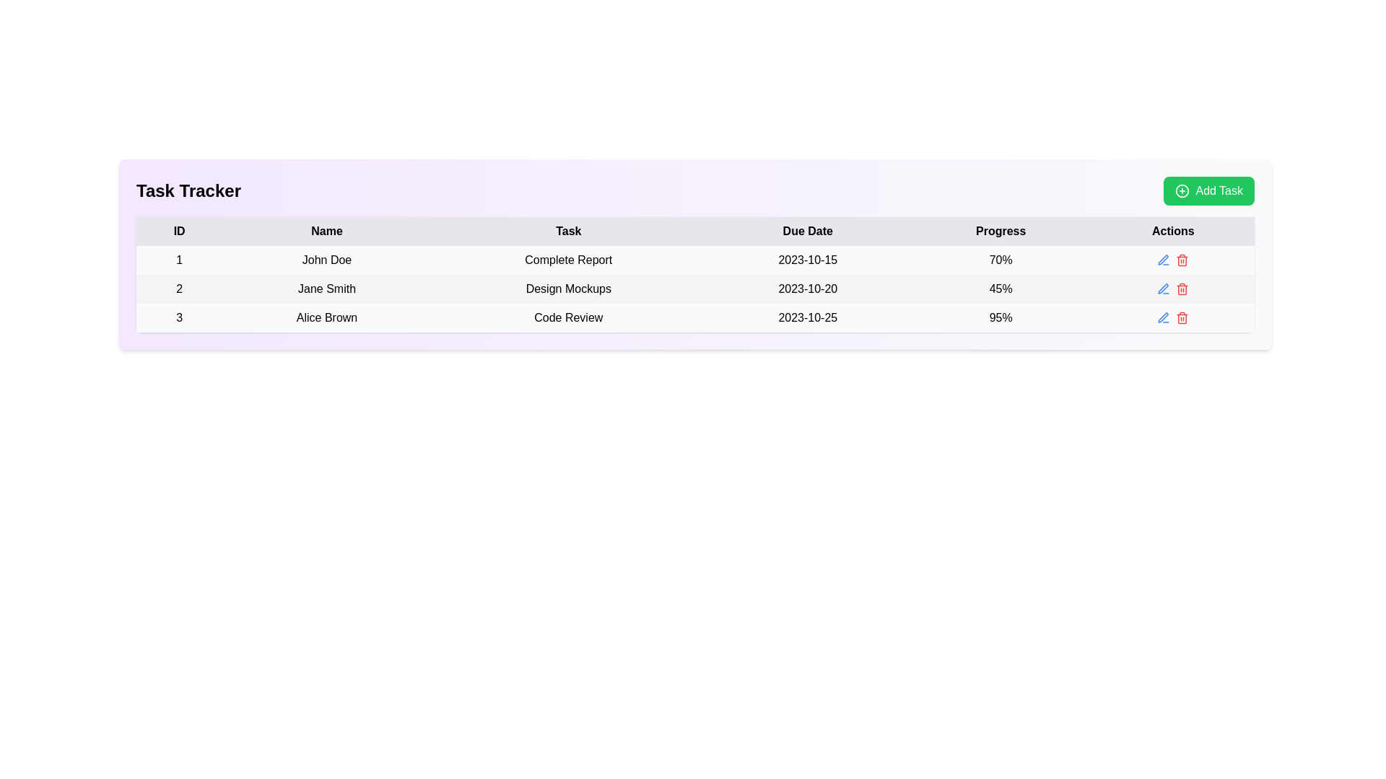 This screenshot has height=779, width=1386. Describe the element at coordinates (695, 289) in the screenshot. I see `the task information row in the task tracker that is the second entry, positioned between rows for 'John Doe' and 'Alice Brown'` at that location.